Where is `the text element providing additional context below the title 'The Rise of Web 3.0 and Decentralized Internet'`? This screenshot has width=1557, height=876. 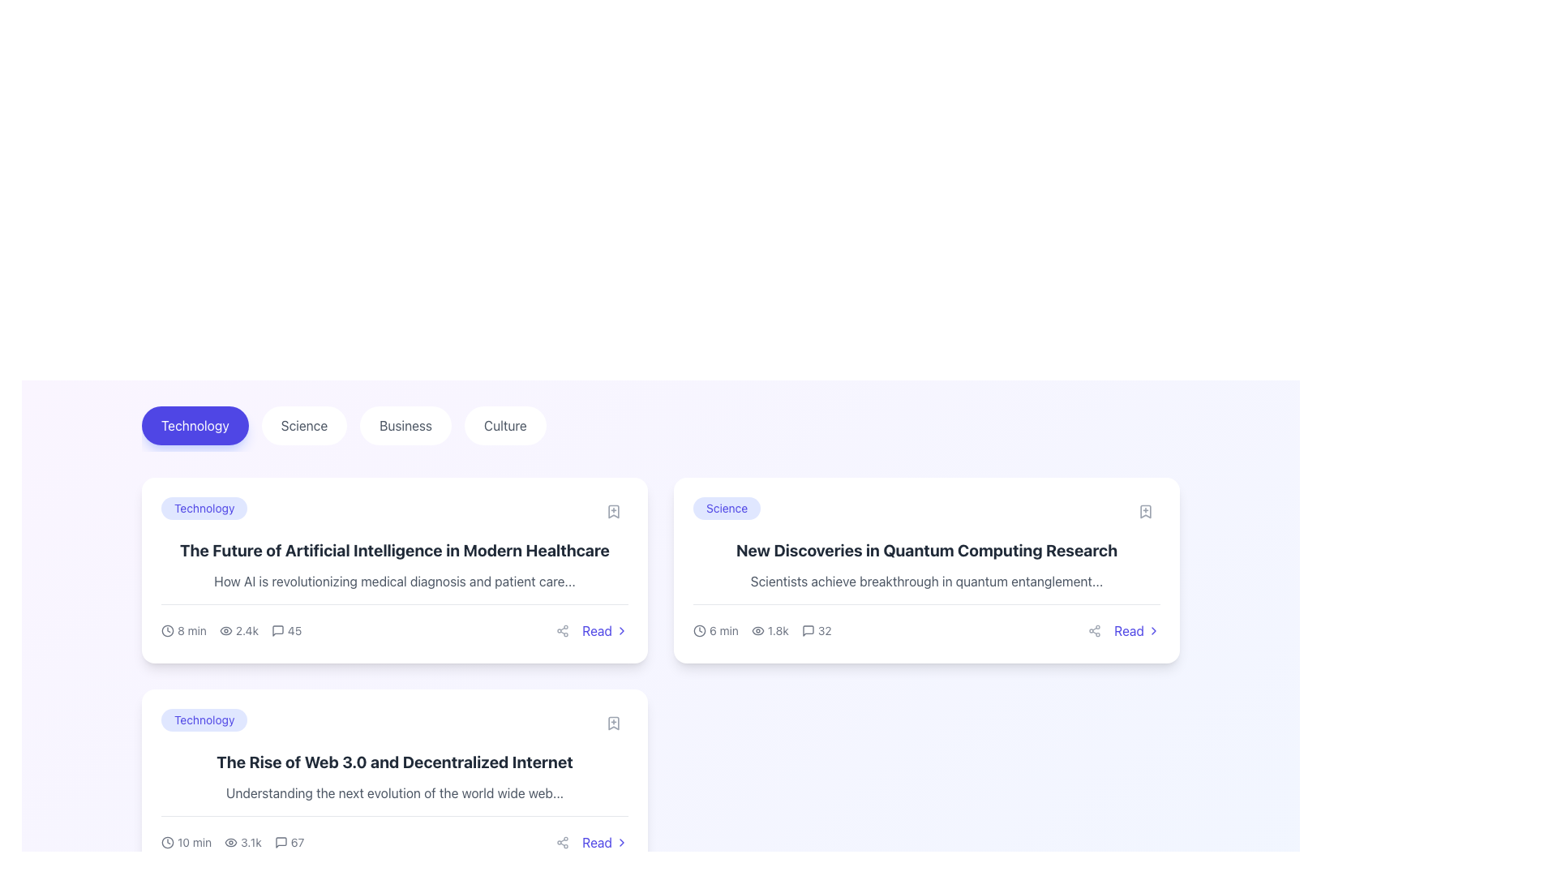
the text element providing additional context below the title 'The Rise of Web 3.0 and Decentralized Internet' is located at coordinates (394, 792).